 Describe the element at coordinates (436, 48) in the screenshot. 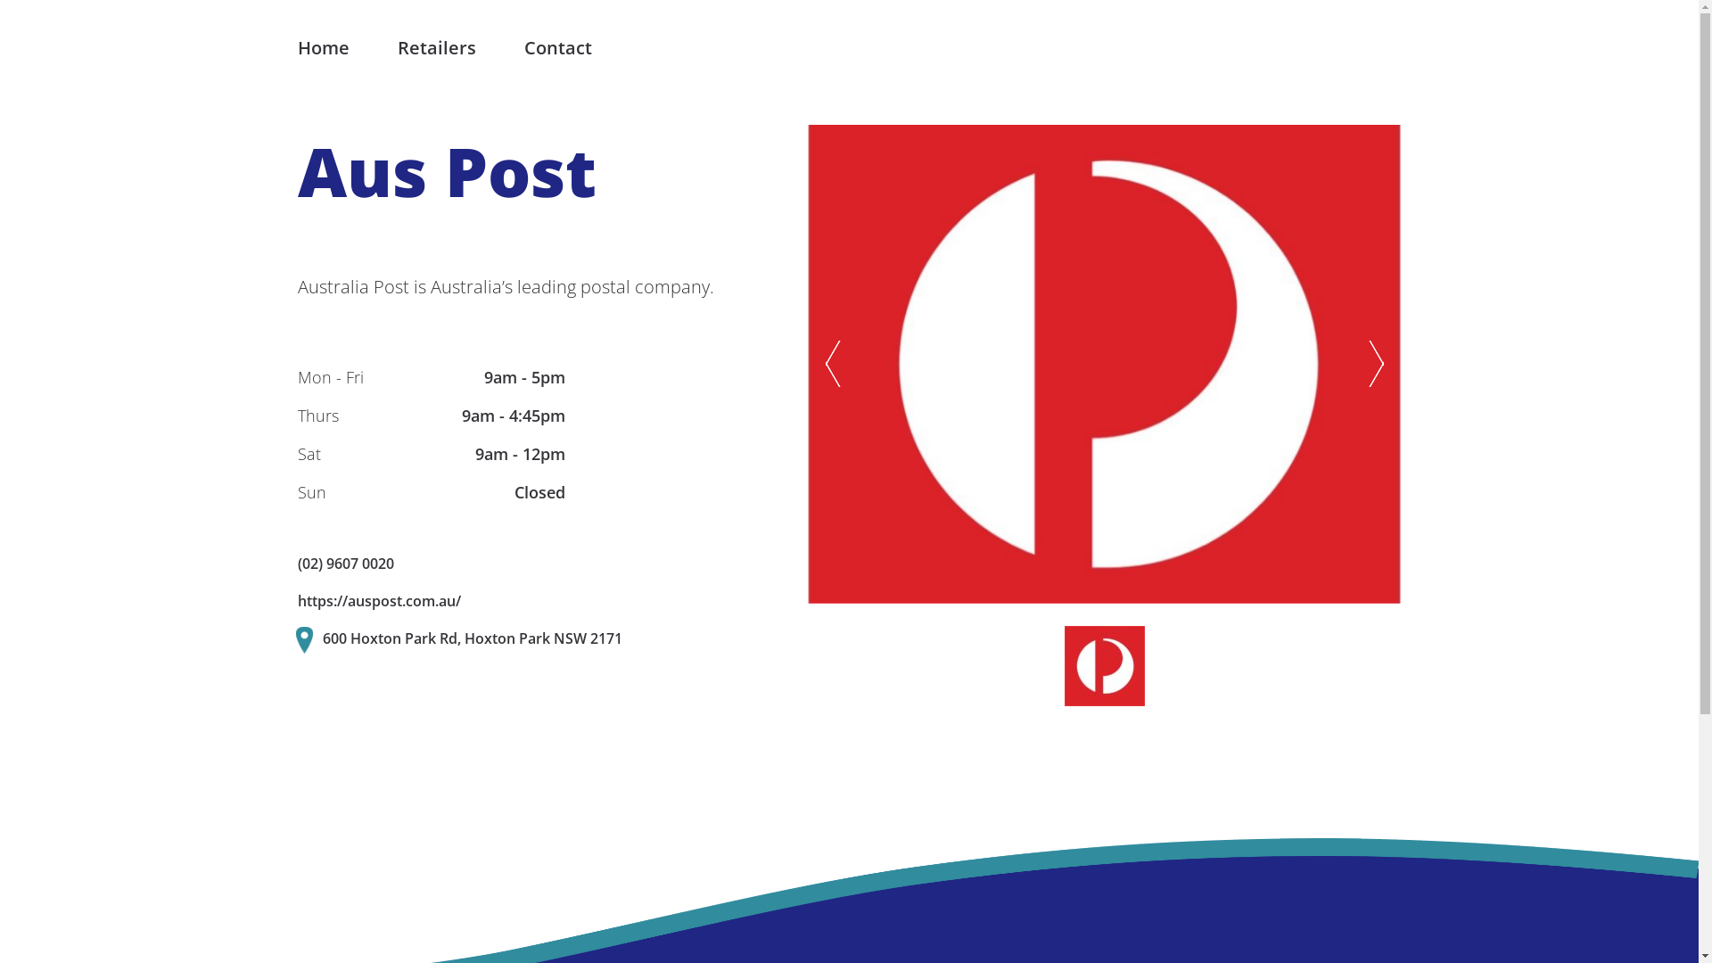

I see `'Retailers'` at that location.